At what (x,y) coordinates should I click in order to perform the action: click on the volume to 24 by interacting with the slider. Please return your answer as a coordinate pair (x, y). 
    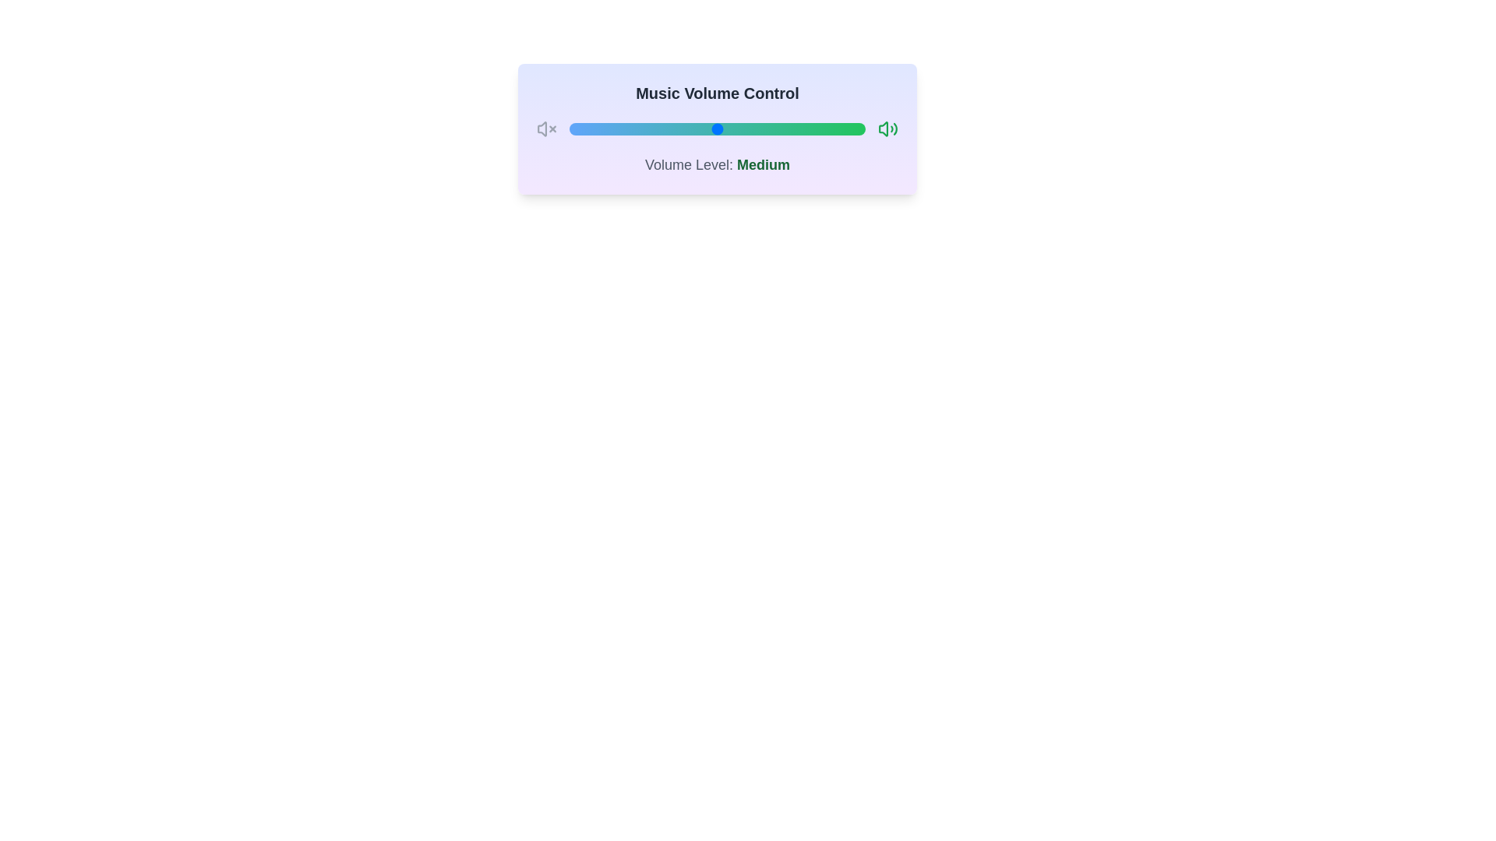
    Looking at the image, I should click on (640, 128).